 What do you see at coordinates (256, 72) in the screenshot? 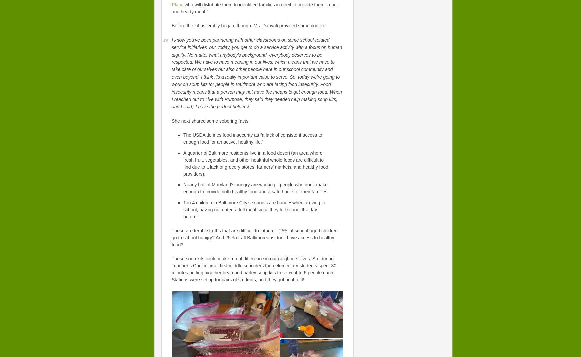
I see `'I know you’ve been partnering with other classrooms on some school-related service initiatives, but, today, you get to do a service activity with a focus on human dignity. No matter what anybody’s background, everybody deserves to be respected. We have to have meaning in our lives, which means that we have to take care of ourselves but also other people here in our school community and even beyond. I think it’s a really important value to serve. So, today we’re going to work on soup kits for people in Baltimore who are facing food insecurity. Food insecurity means that a person may not have the means to get enough food. When I reached out to Live with Purpose, they said they needed help making soup kits, and I said, ‘I have the perfect helpers!’'` at bounding box center [256, 72].